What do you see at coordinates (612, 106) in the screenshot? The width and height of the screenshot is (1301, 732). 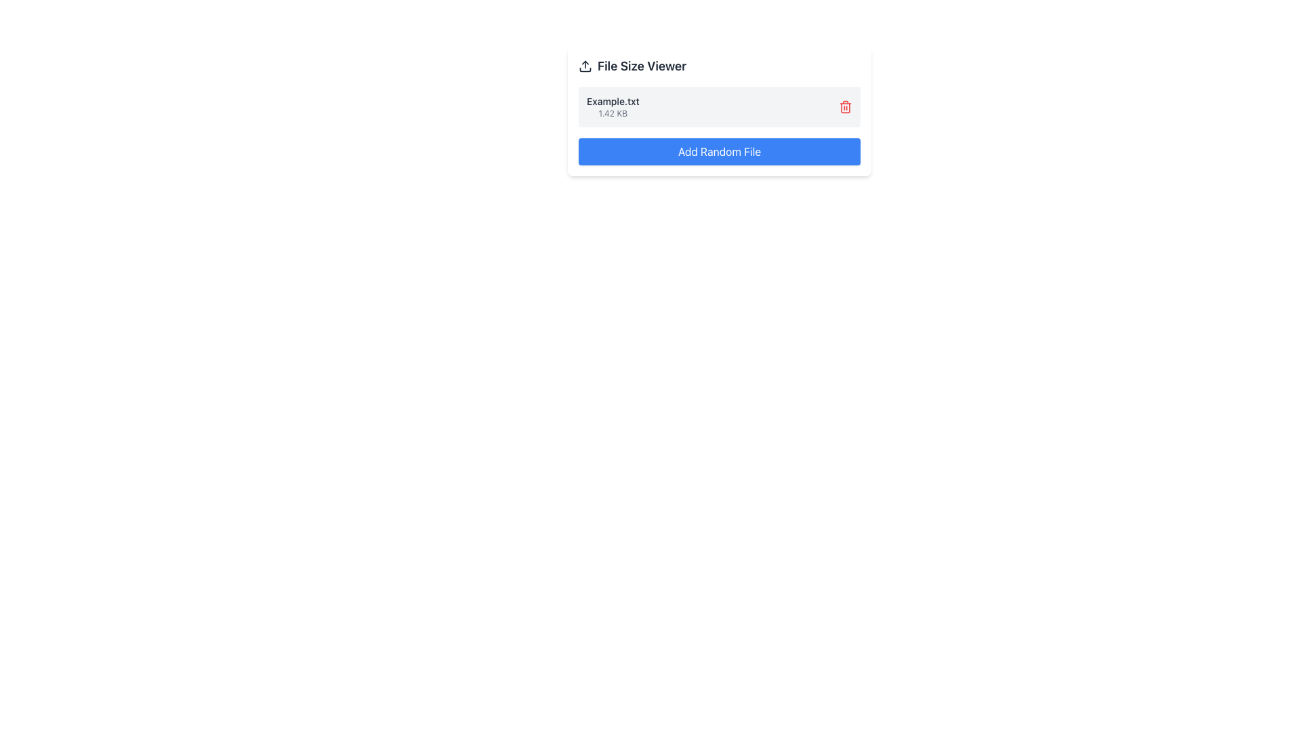 I see `the file name 'Example.txt'` at bounding box center [612, 106].